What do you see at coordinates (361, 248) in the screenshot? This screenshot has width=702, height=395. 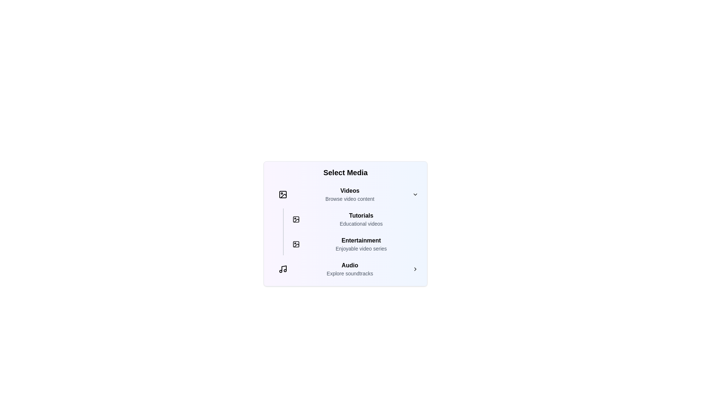 I see `the text label that reads 'Enjoyable video series', styled in a smaller gray font and positioned below the bold heading 'Entertainment'` at bounding box center [361, 248].